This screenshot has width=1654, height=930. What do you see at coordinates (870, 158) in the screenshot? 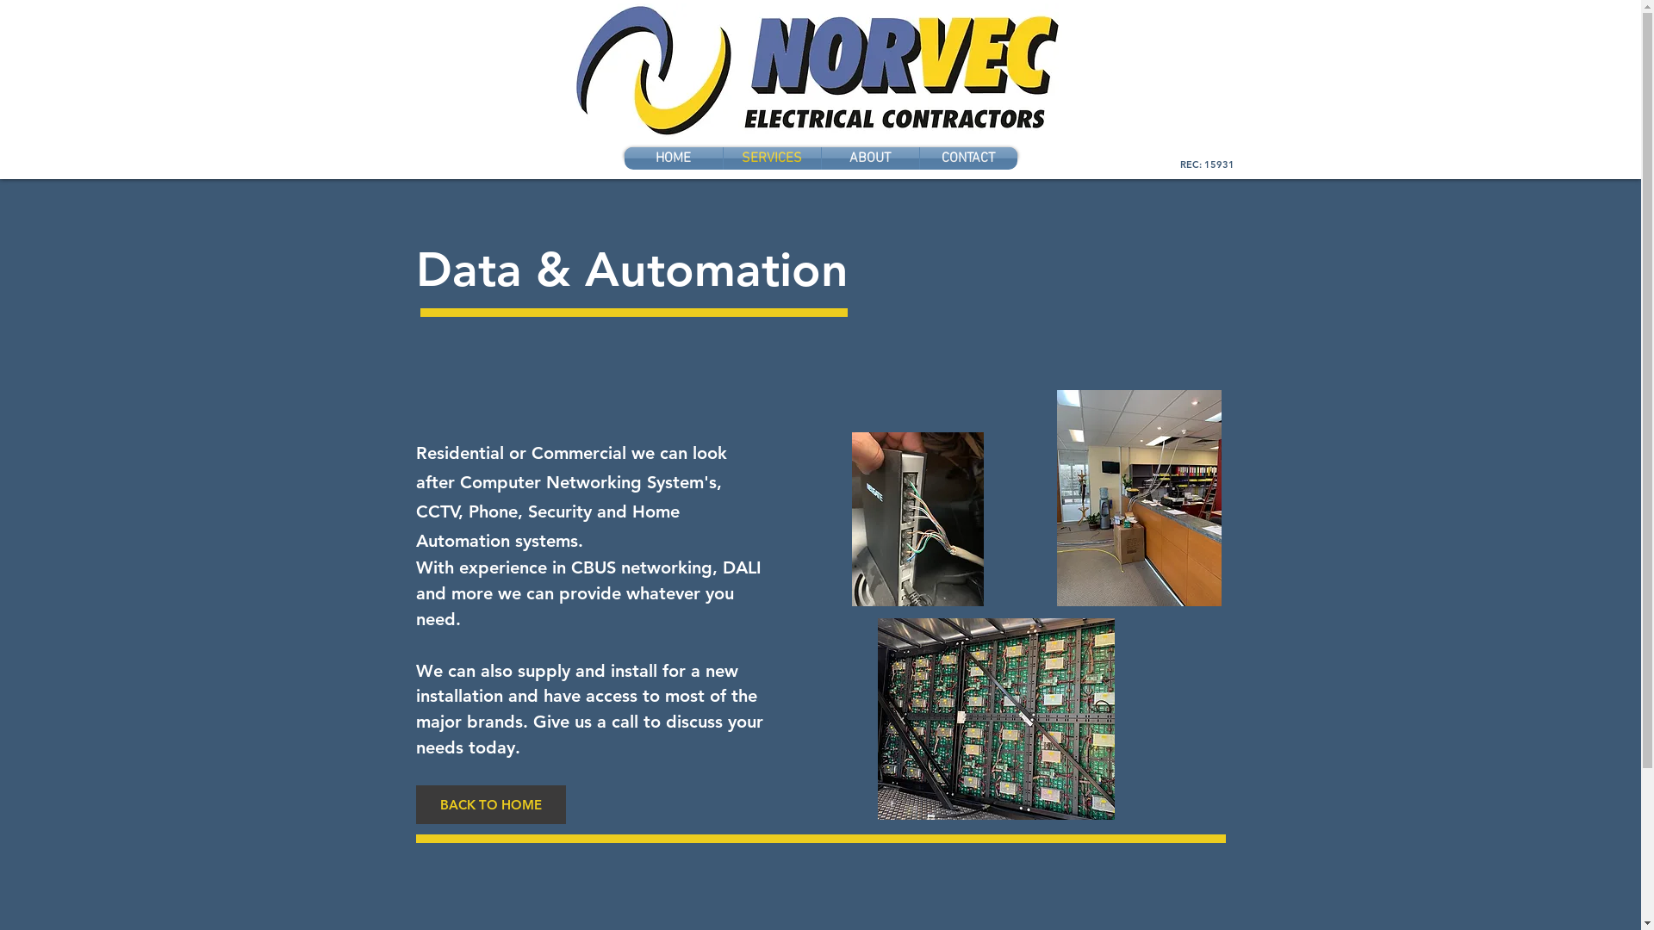
I see `'ABOUT'` at bounding box center [870, 158].